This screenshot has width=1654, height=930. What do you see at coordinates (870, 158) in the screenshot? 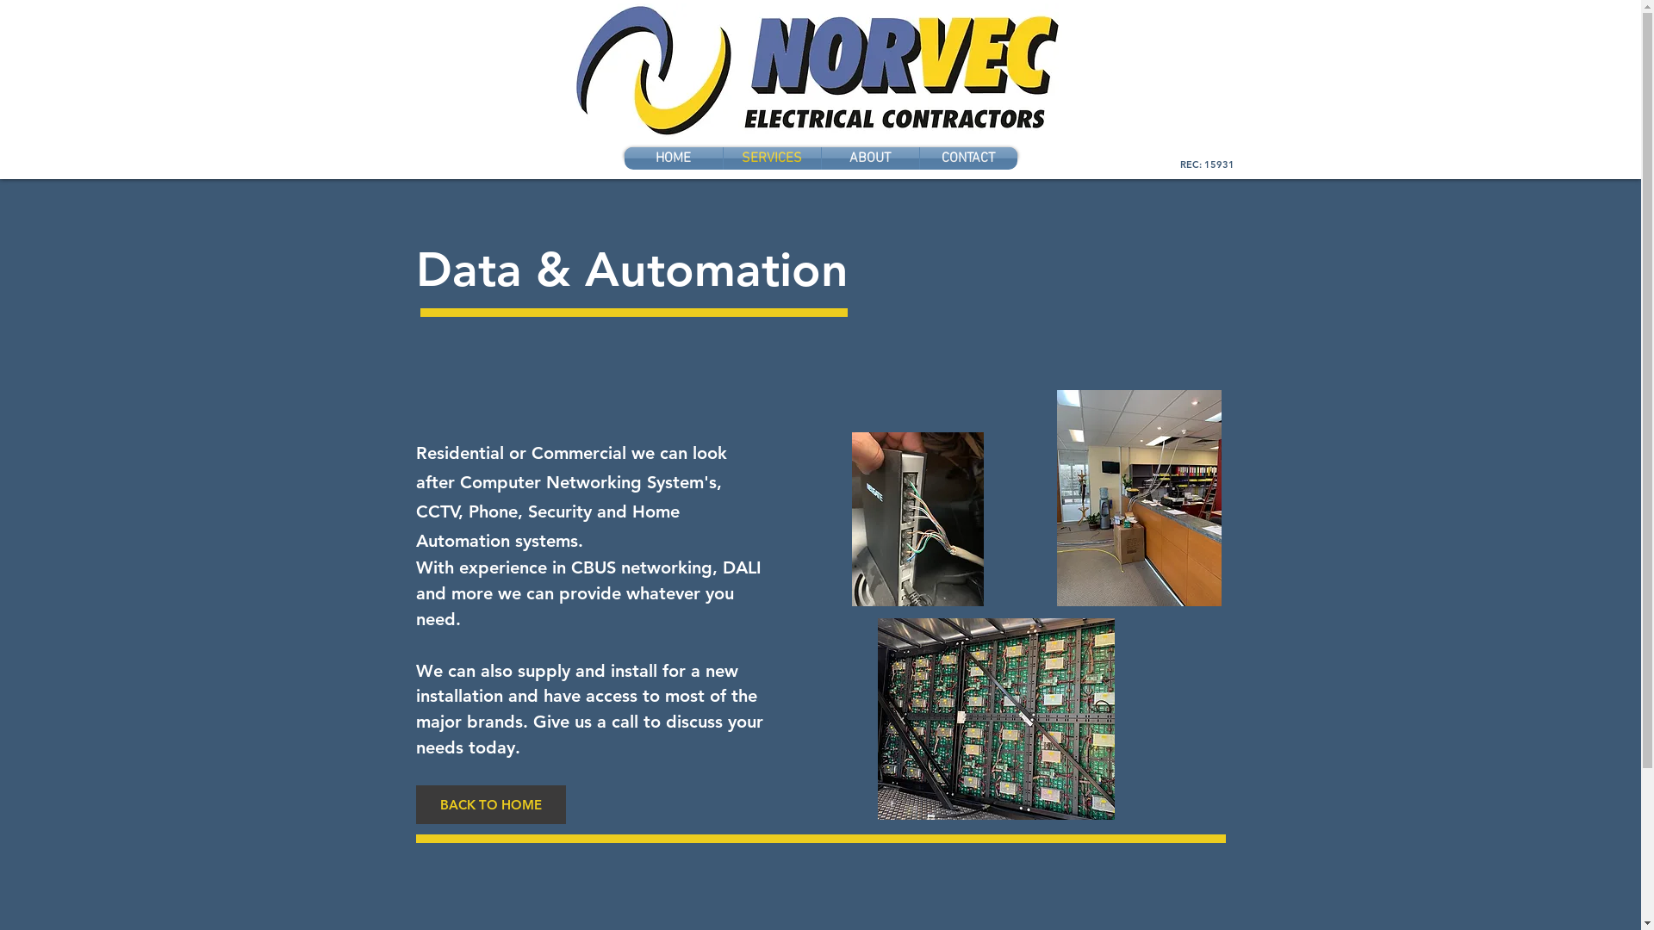
I see `'ABOUT'` at bounding box center [870, 158].